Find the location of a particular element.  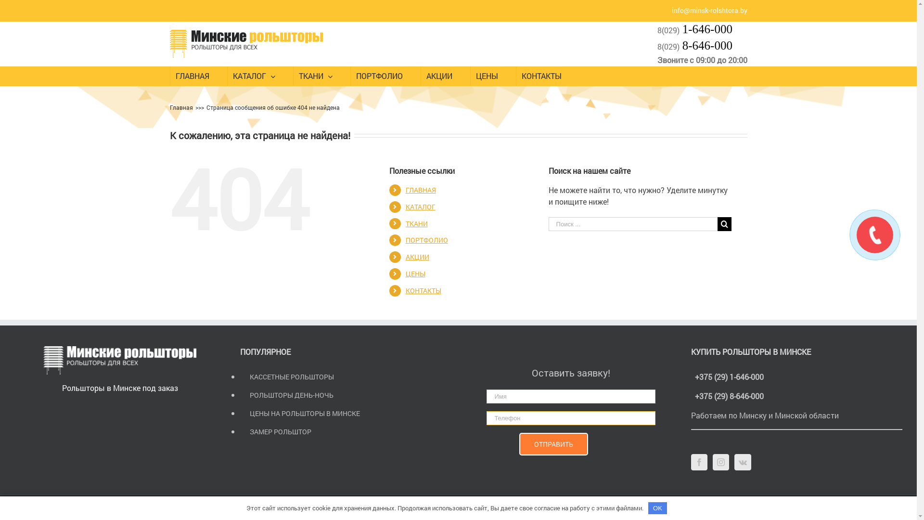

'info@minsk-rolshtora.by' is located at coordinates (709, 10).